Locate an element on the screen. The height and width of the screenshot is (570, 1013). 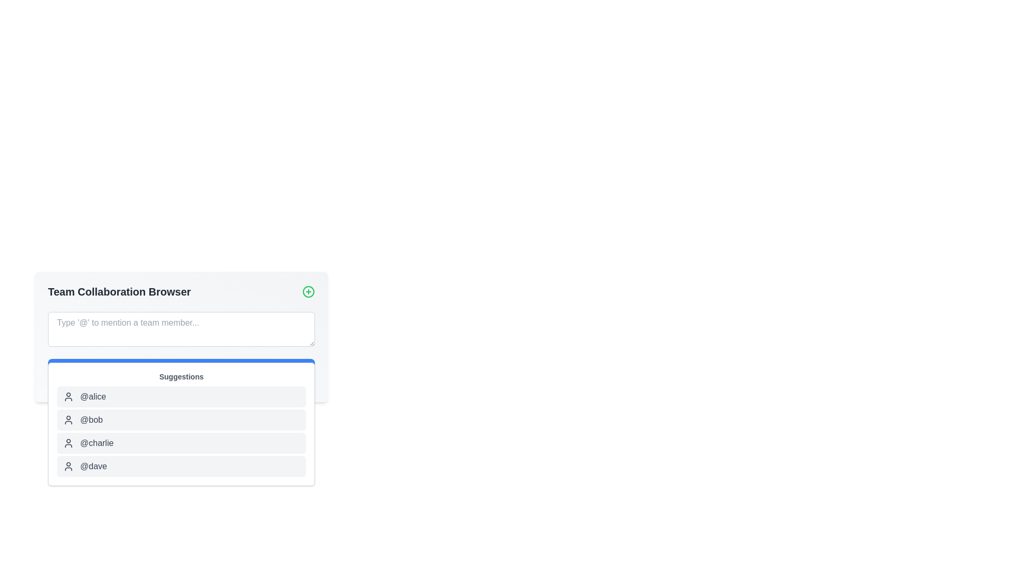
the username text label '@alice' in gray color within the first user suggestion item in the dropdown list is located at coordinates (93, 397).